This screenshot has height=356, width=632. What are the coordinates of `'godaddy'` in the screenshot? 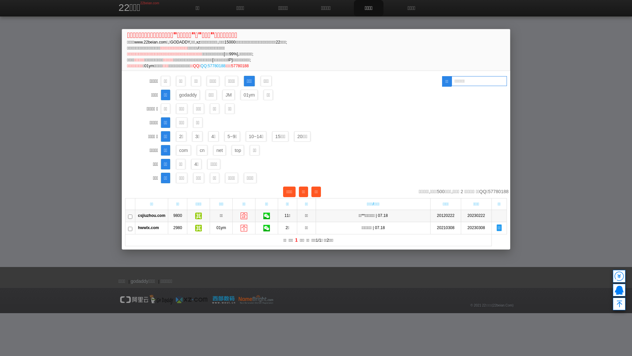 It's located at (176, 95).